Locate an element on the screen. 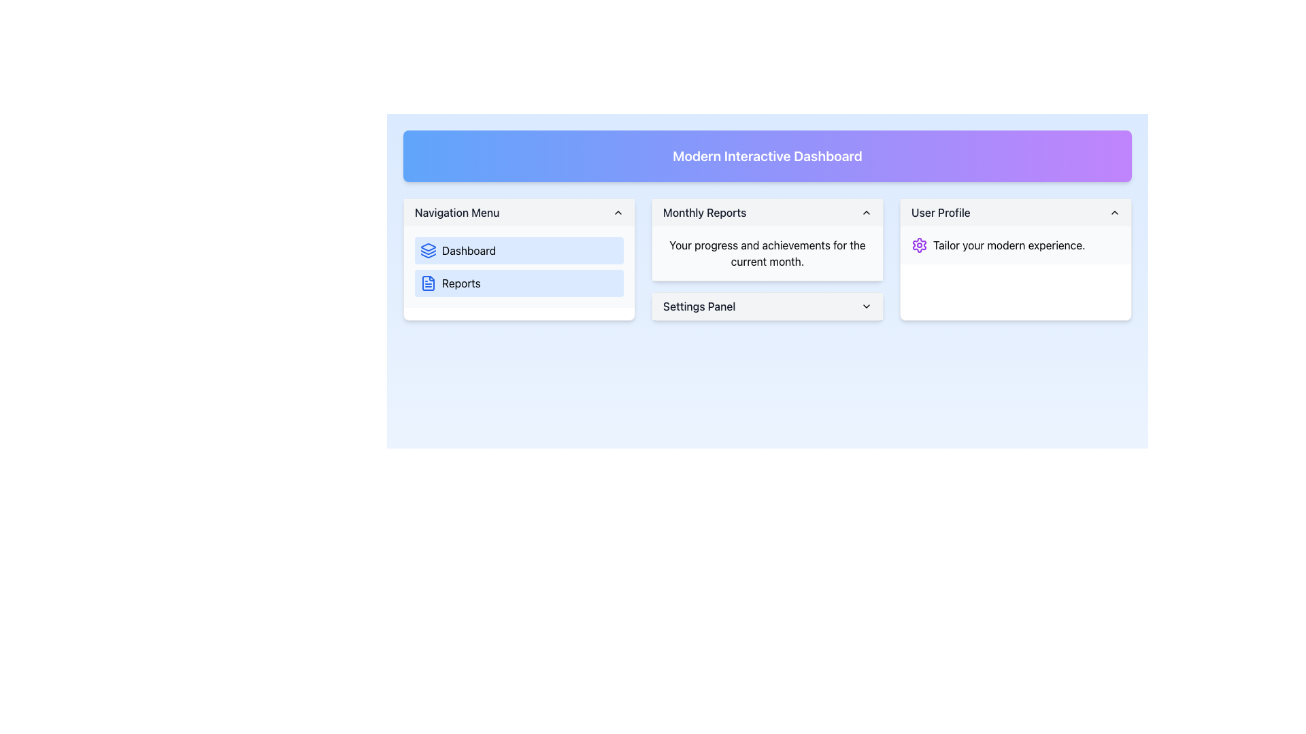 This screenshot has width=1306, height=734. the 'Navigation Menu' text label, which is styled with a medium font in dark gray color and located in the top-left corner of the header bar is located at coordinates (457, 212).